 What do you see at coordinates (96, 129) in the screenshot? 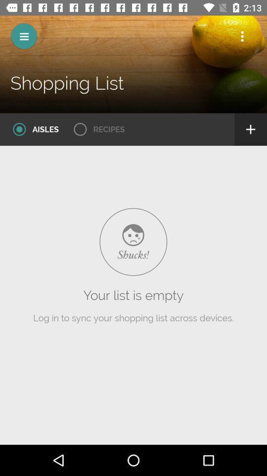
I see `recipe list` at bounding box center [96, 129].